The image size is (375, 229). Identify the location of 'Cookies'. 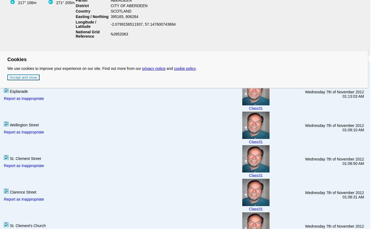
(17, 59).